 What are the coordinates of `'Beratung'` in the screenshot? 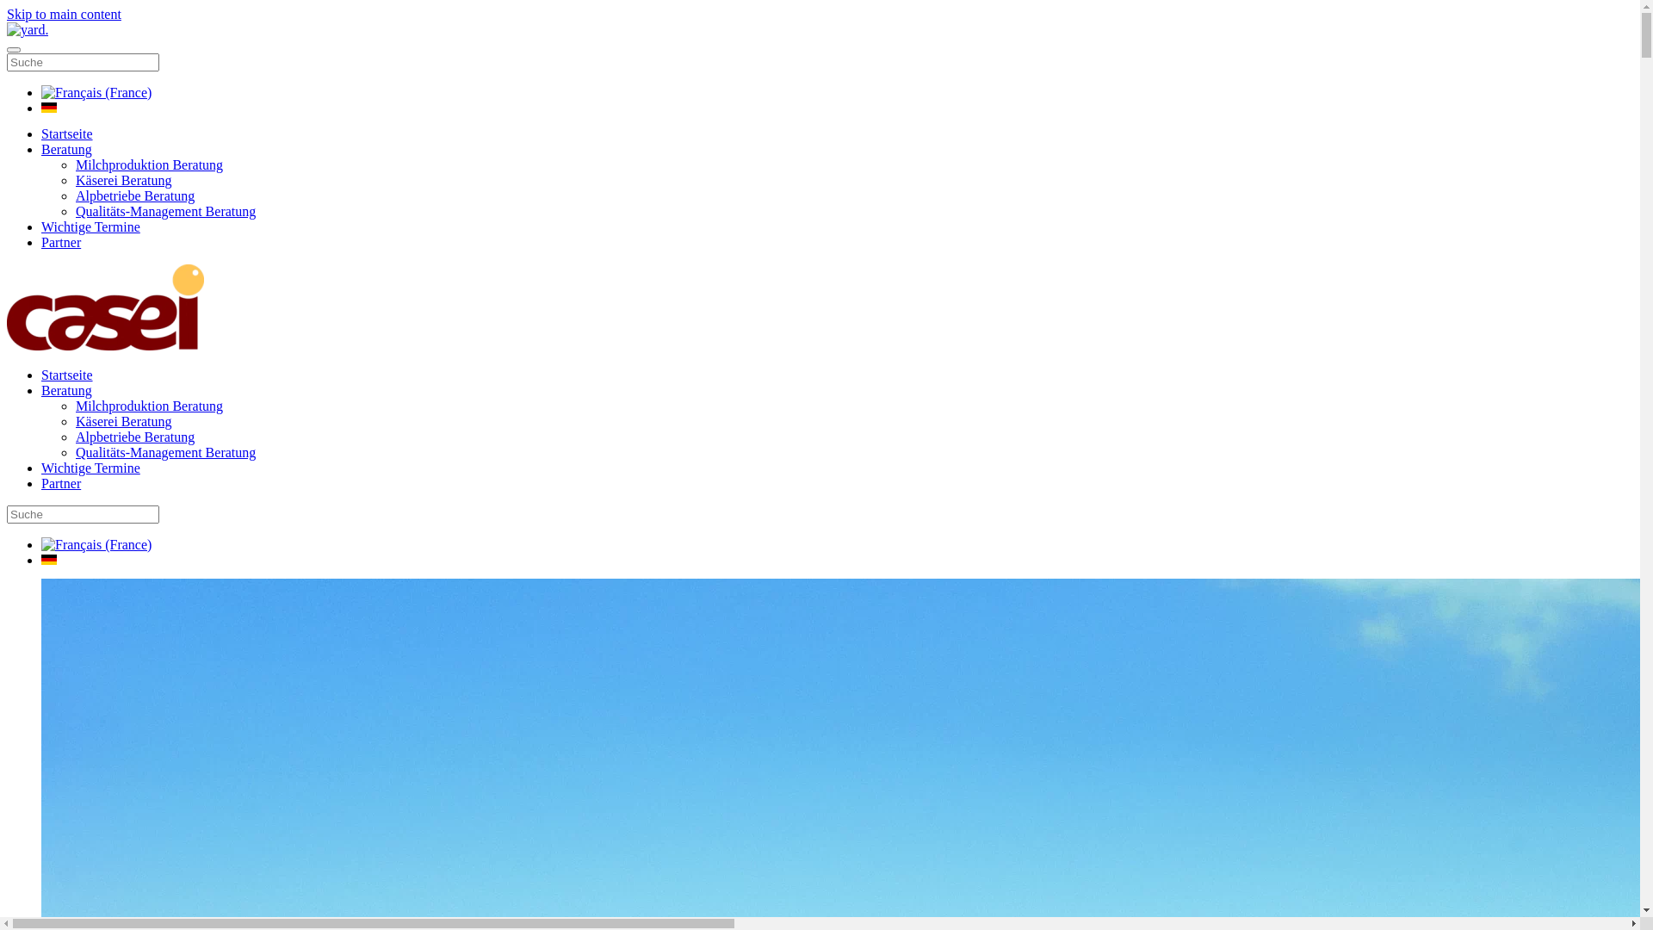 It's located at (66, 148).